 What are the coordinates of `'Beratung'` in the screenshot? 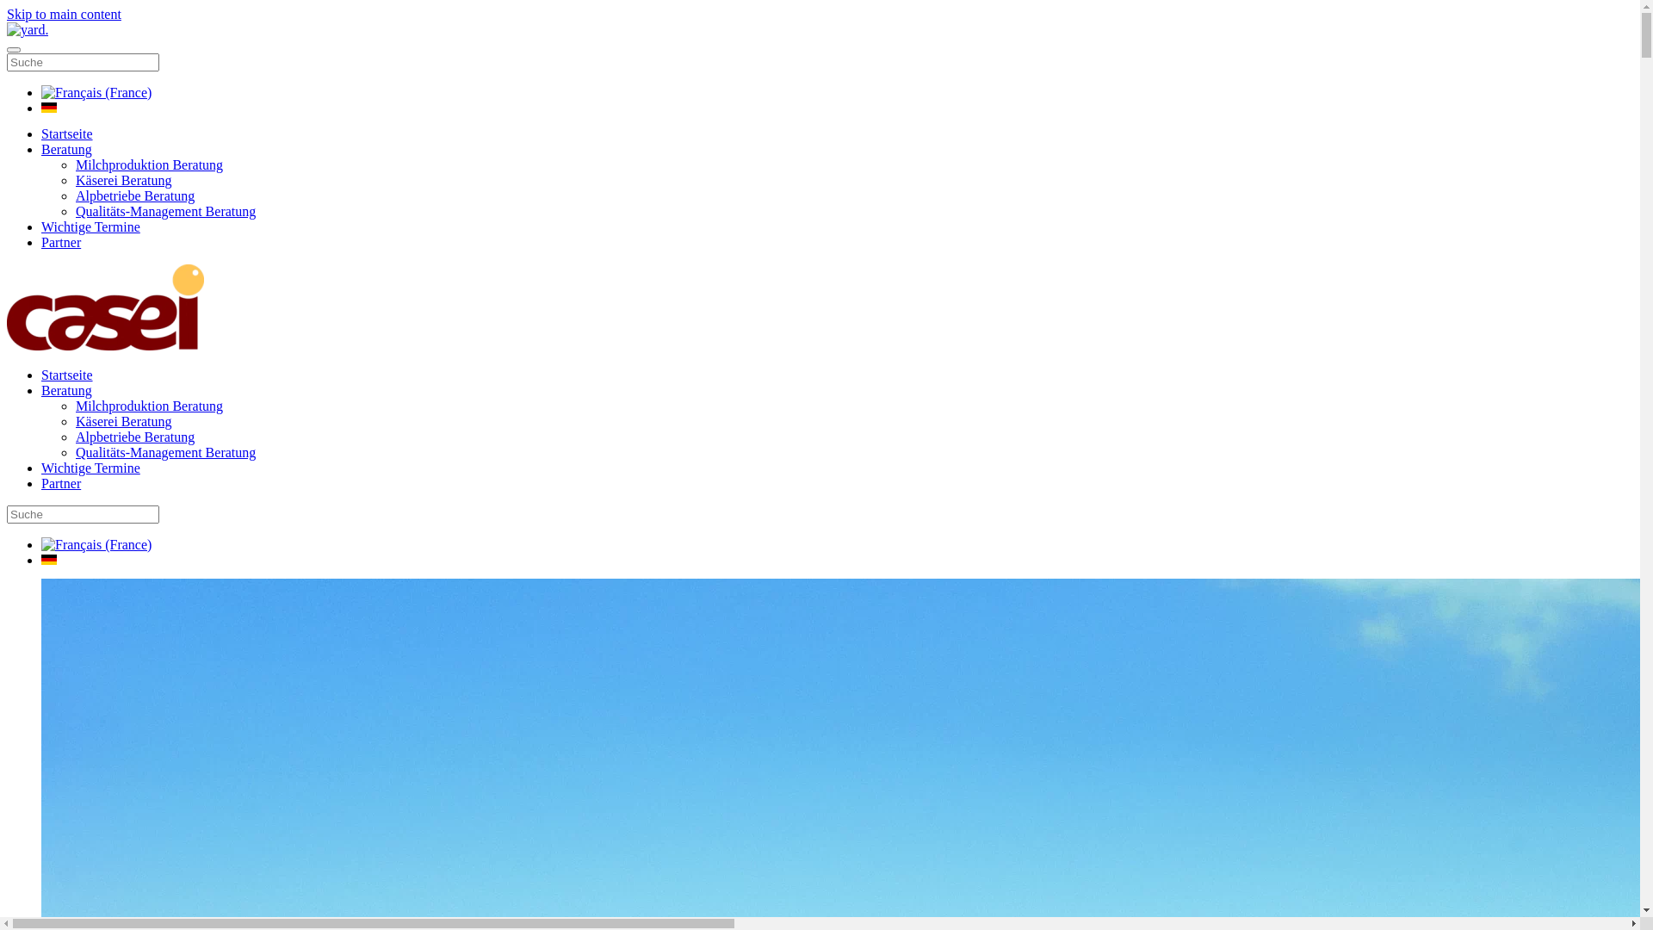 It's located at (66, 148).